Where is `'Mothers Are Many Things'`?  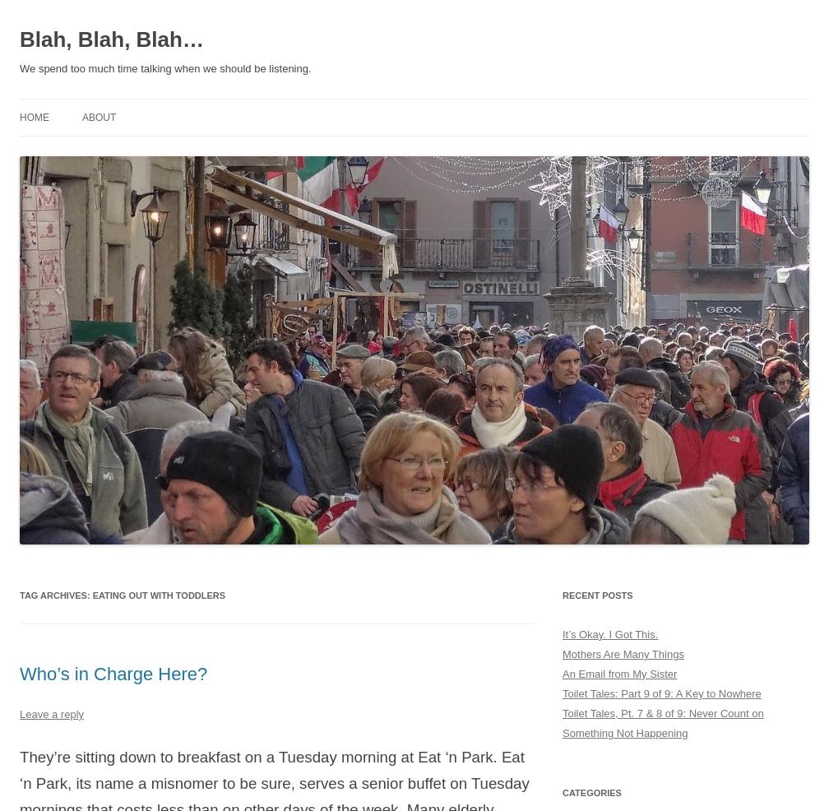
'Mothers Are Many Things' is located at coordinates (563, 653).